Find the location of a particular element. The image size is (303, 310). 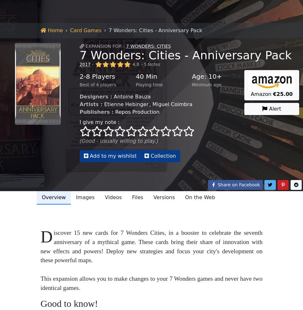

'7 Wonders - Cities Youtube' is located at coordinates (202, 49).